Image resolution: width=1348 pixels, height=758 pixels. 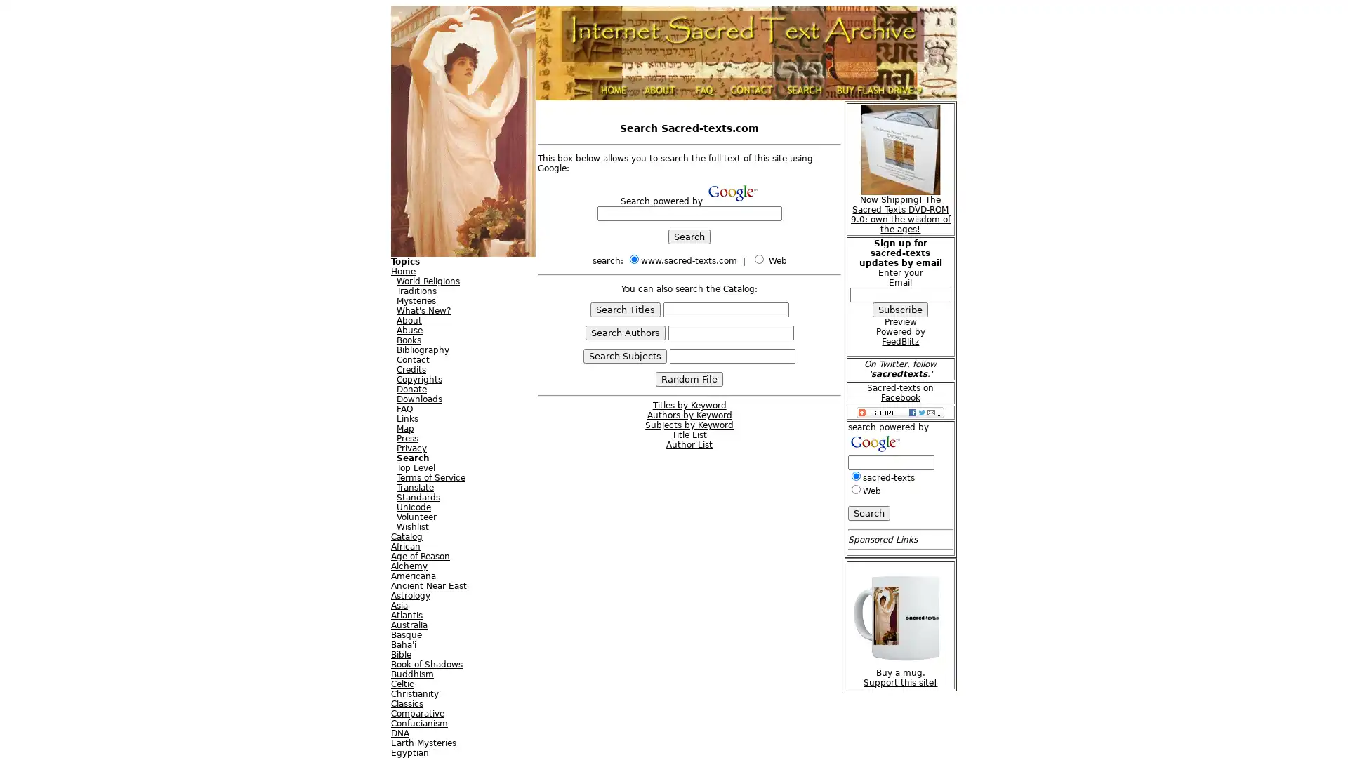 What do you see at coordinates (868, 512) in the screenshot?
I see `Search` at bounding box center [868, 512].